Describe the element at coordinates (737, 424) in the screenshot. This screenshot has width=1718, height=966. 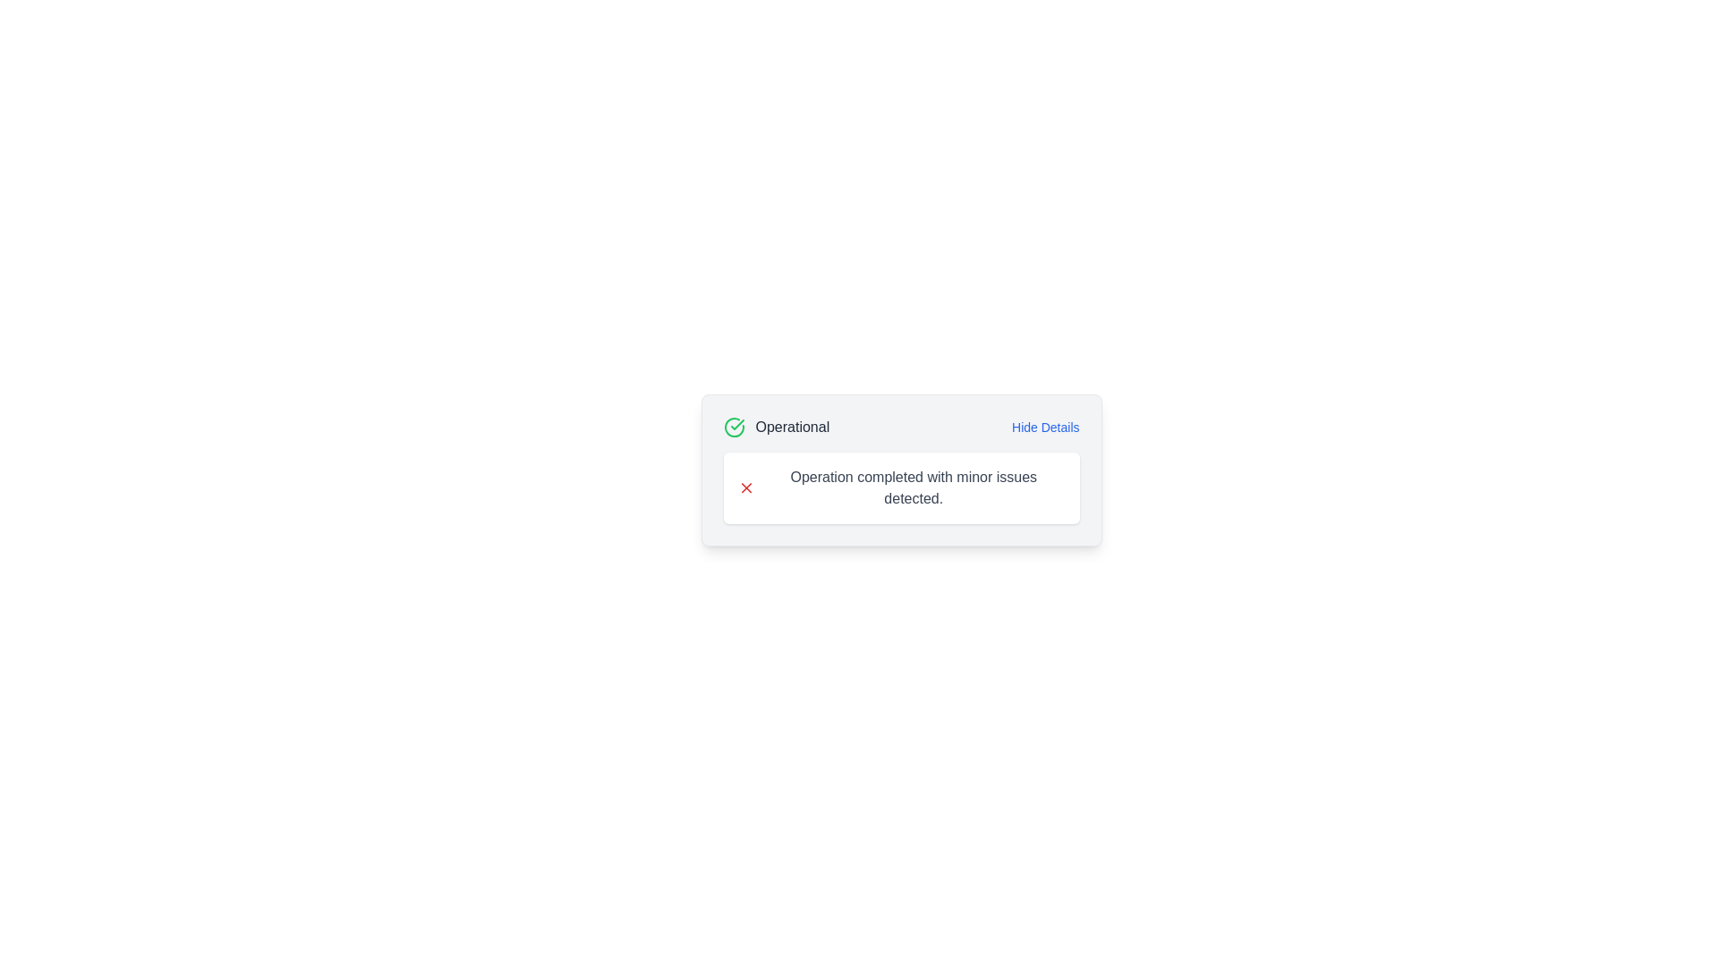
I see `the checkmark vector symbol embedded in the circular icon within the small status panel to indicate a positive or successful status` at that location.